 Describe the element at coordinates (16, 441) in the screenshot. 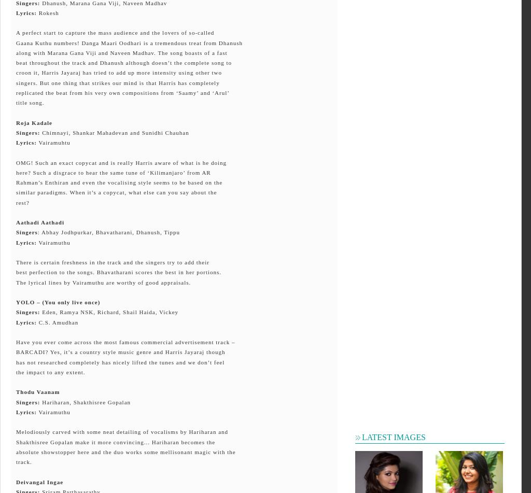

I see `'Shakthisree Gopalan make it more convincing... Hariharan becomes the'` at that location.